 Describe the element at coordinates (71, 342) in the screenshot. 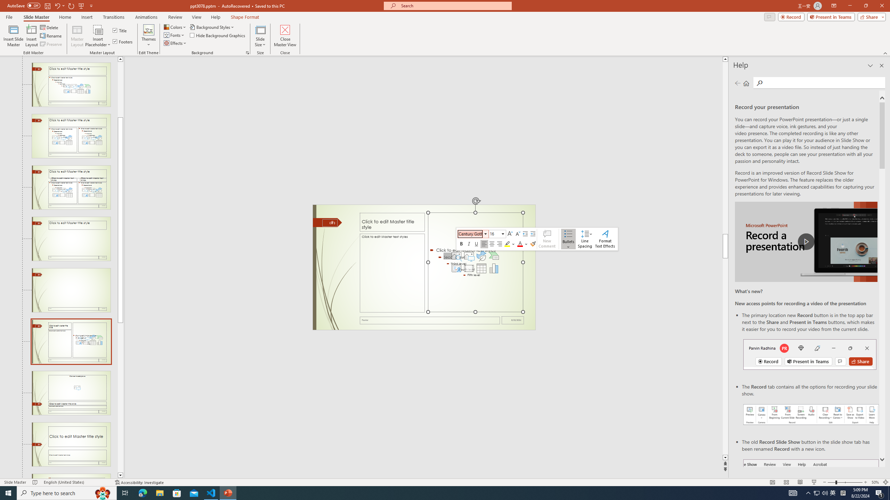

I see `'Slide Content with Caption Layout: used by no slides'` at that location.